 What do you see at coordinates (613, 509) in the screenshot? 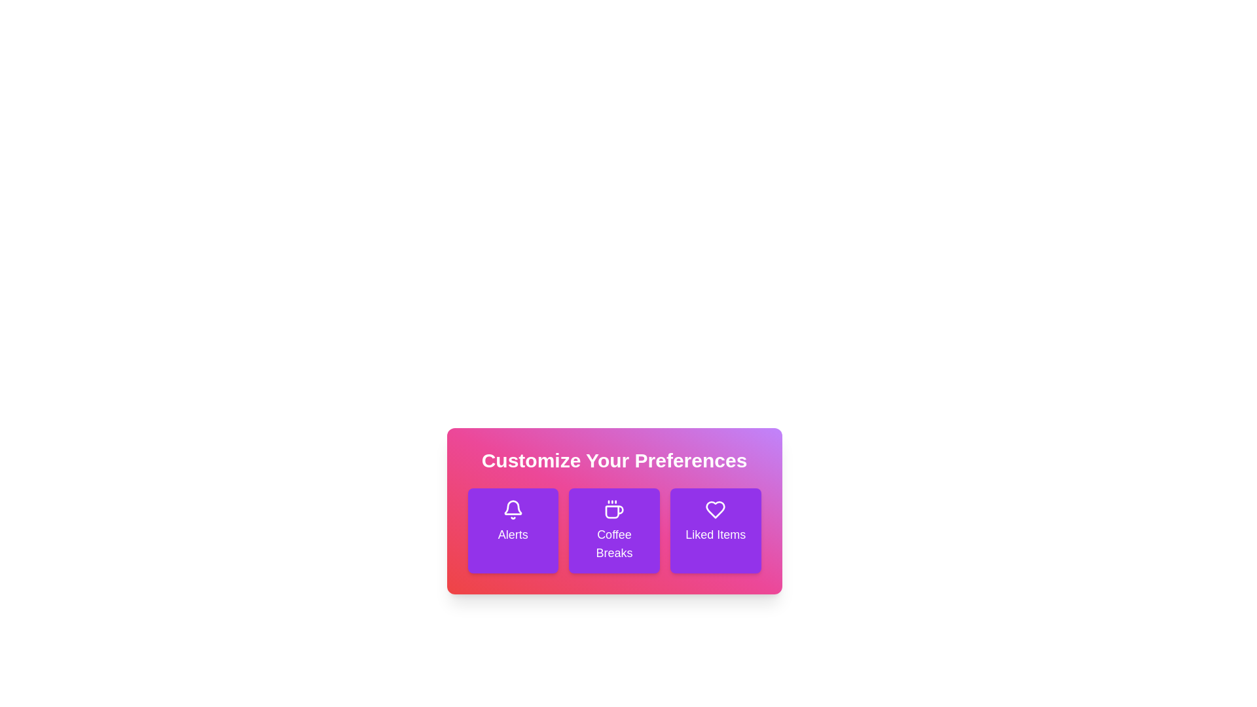
I see `the 'Coffee Breaks' icon located at the center of the card labeled 'Coffee Breaks'` at bounding box center [613, 509].